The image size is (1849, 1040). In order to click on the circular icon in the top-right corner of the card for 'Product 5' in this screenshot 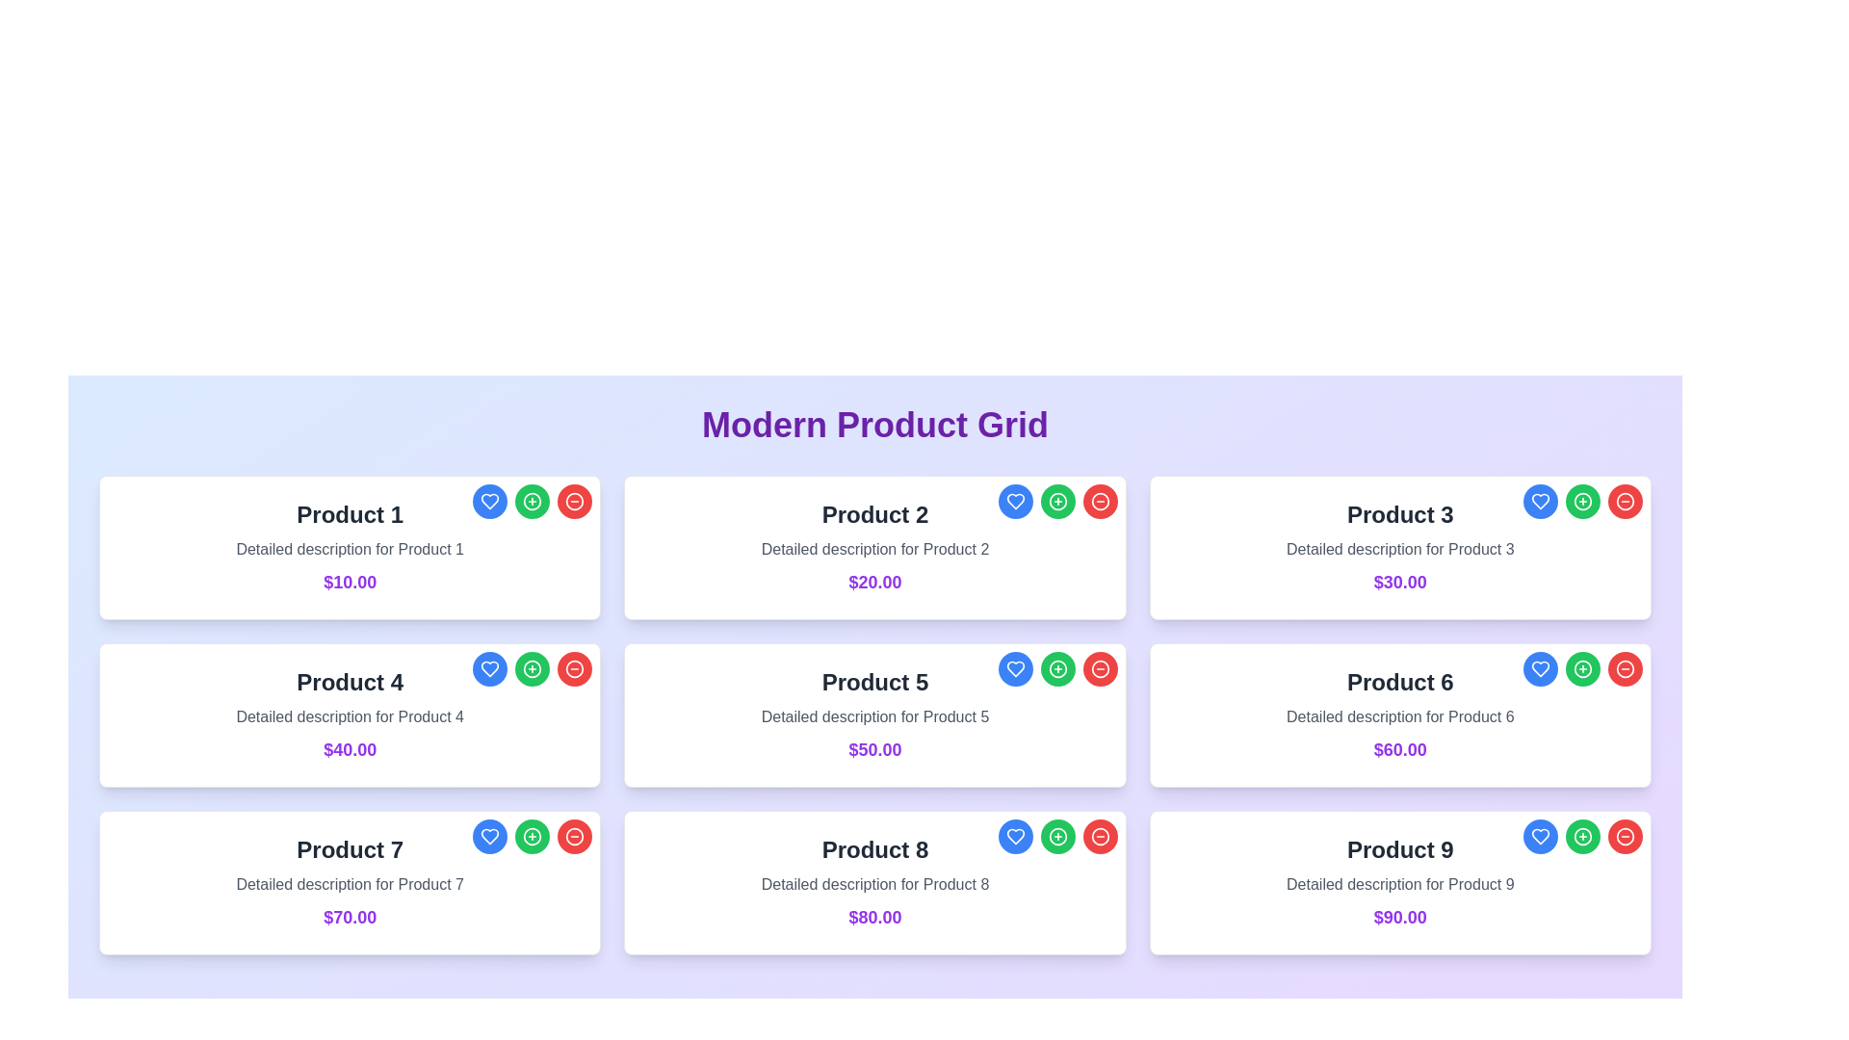, I will do `click(1056, 667)`.